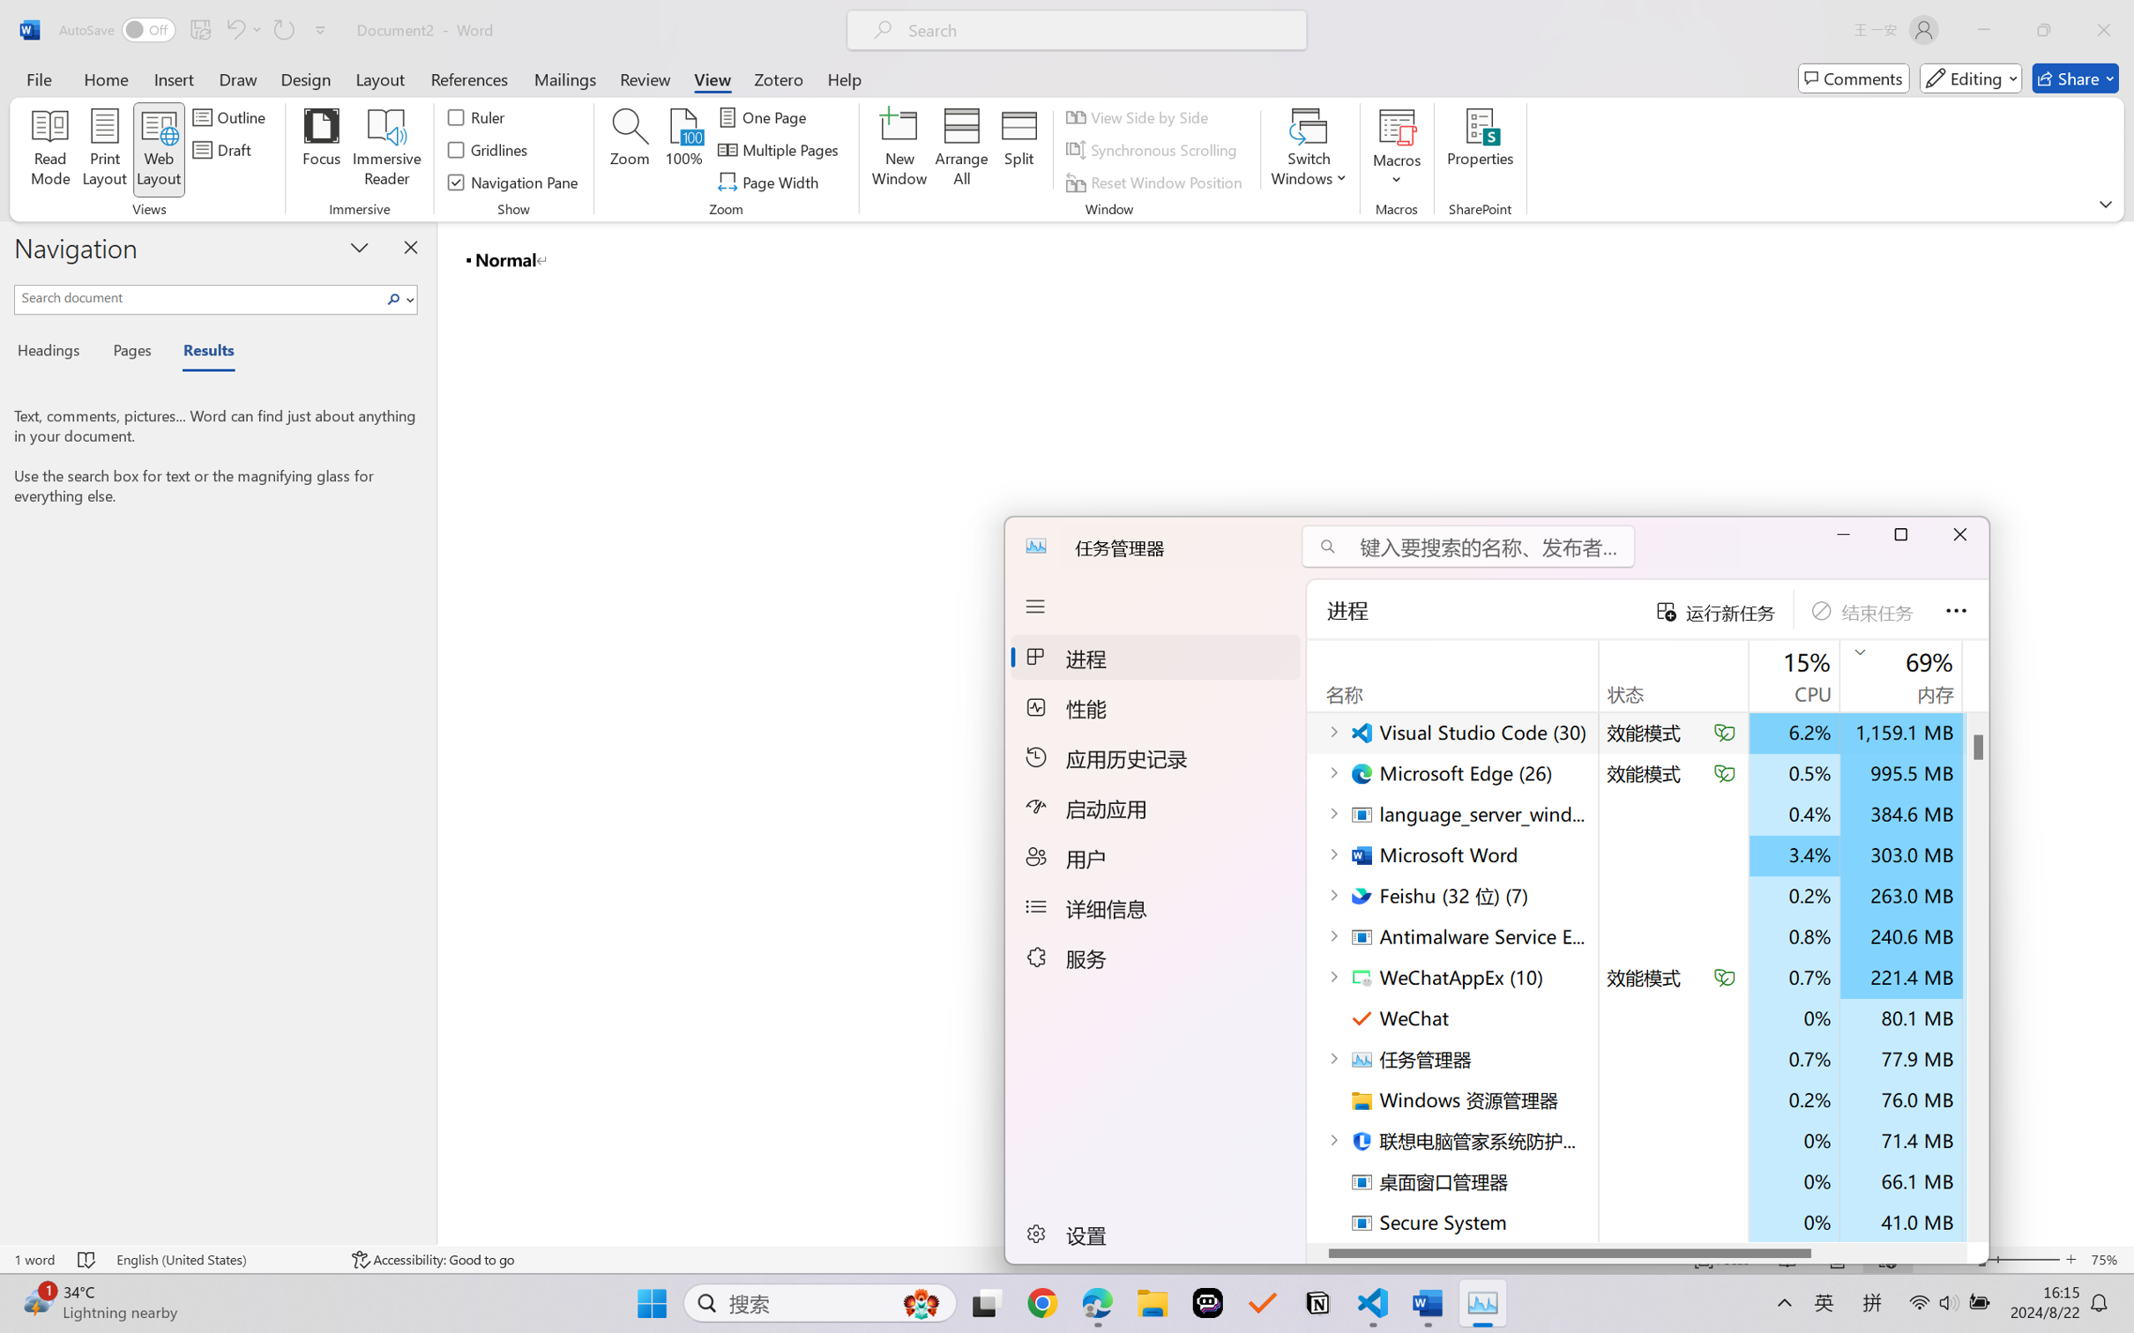 The width and height of the screenshot is (2134, 1333). Describe the element at coordinates (960, 150) in the screenshot. I see `'Arrange All'` at that location.